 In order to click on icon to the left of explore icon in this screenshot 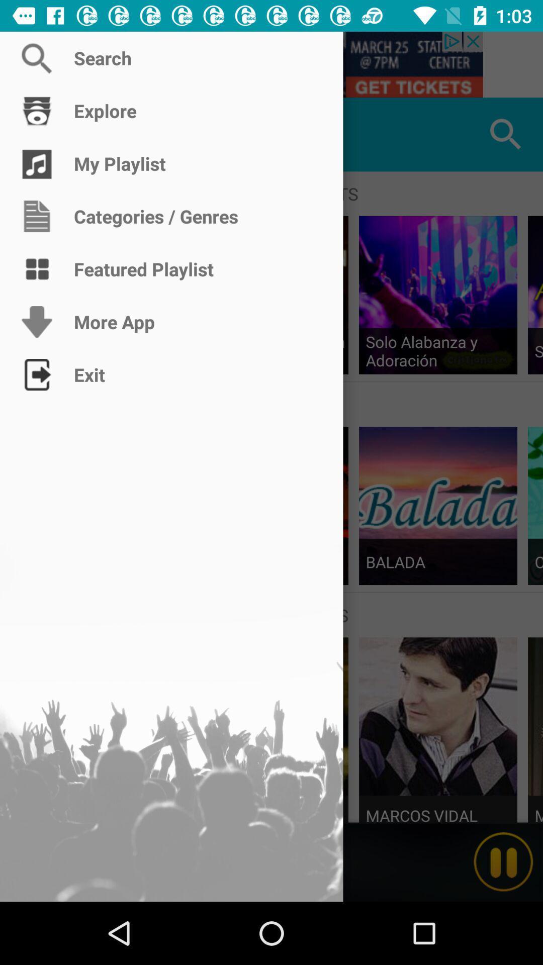, I will do `click(36, 134)`.